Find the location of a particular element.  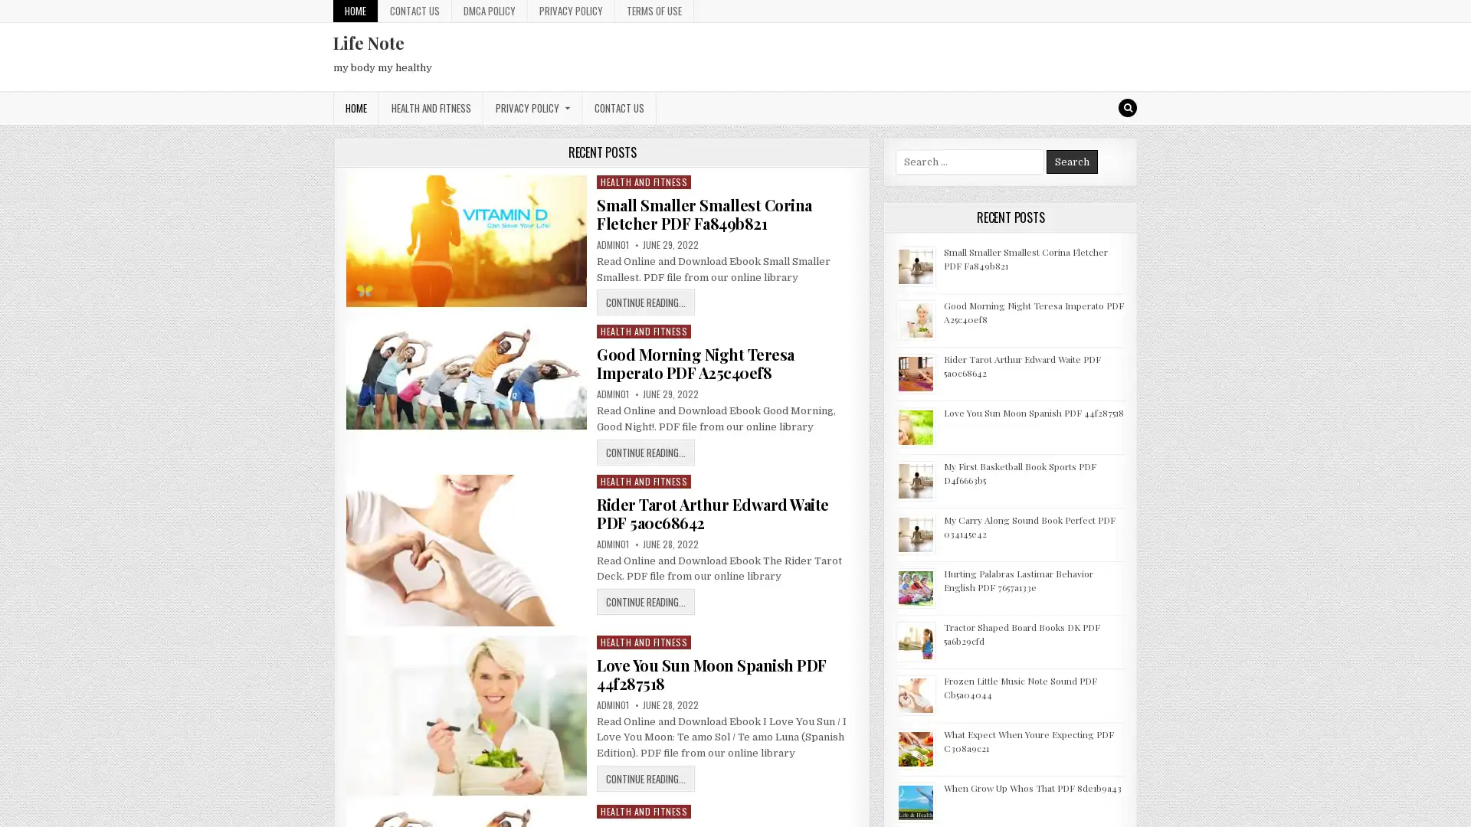

Search is located at coordinates (1071, 162).